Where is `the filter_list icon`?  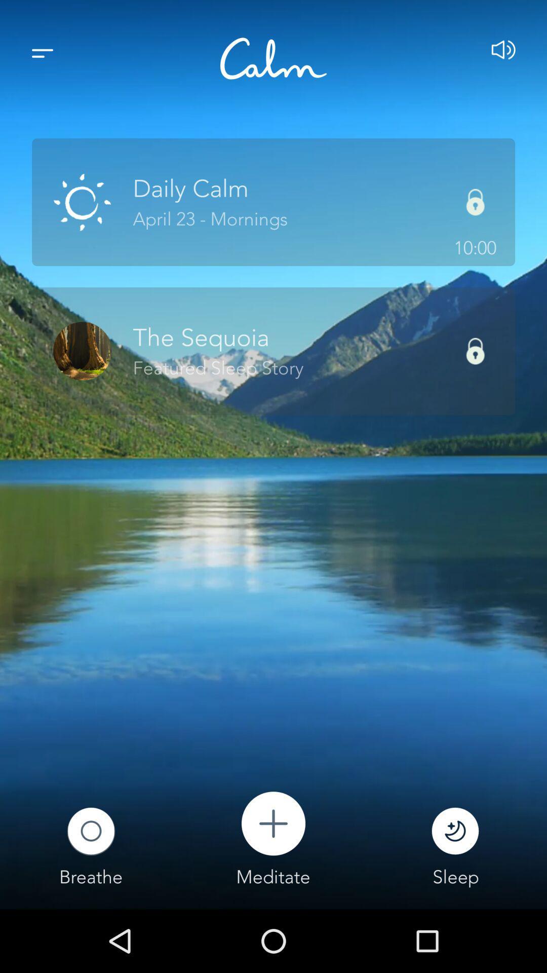 the filter_list icon is located at coordinates (42, 53).